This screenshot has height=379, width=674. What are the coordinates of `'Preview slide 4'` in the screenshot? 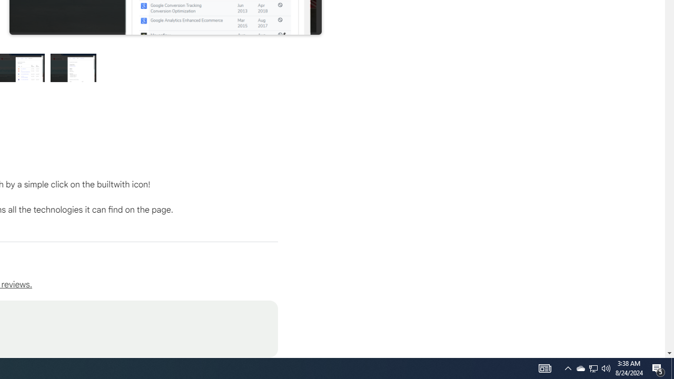 It's located at (73, 67).